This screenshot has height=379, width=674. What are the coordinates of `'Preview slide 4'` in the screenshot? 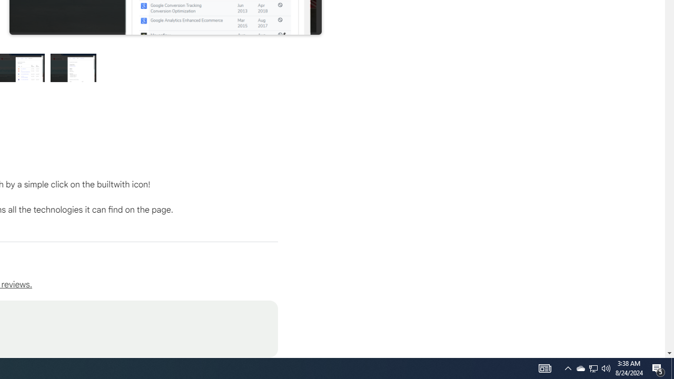 It's located at (73, 67).